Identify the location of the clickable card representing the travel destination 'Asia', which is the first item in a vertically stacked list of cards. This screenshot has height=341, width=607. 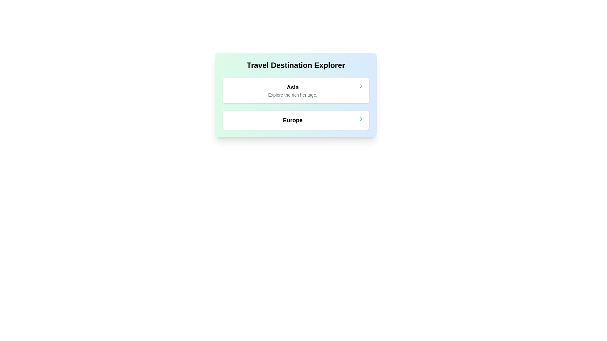
(296, 90).